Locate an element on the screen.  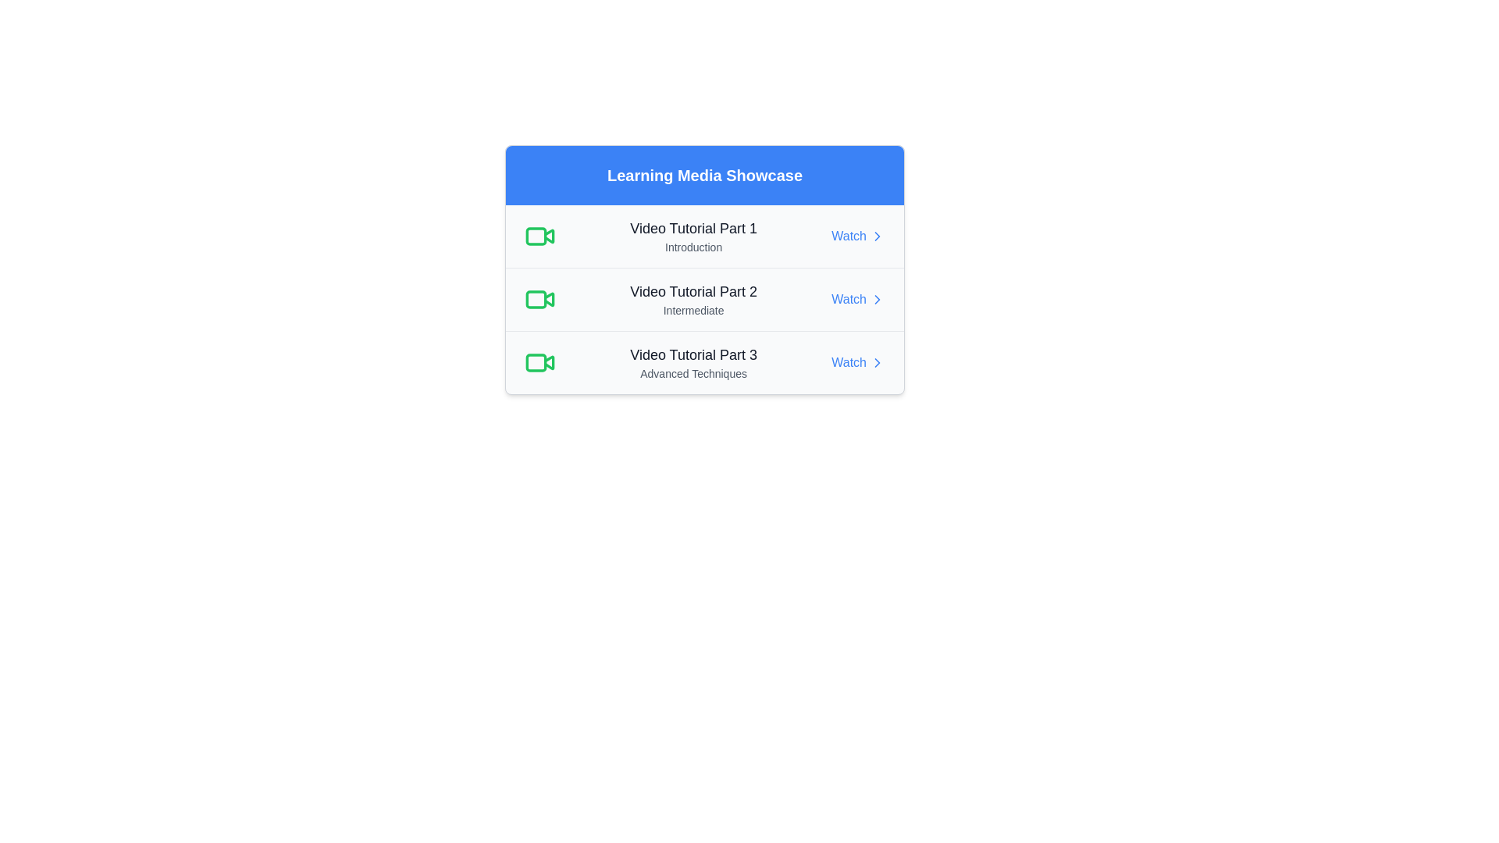
the text label that describes the tutorial resource, positioned third in a vertical list under 'Learning Media Showcase', between 'Video Tutorial Part 2' and the 'Watch' link is located at coordinates (693, 363).